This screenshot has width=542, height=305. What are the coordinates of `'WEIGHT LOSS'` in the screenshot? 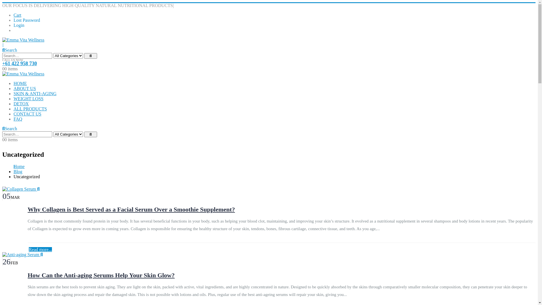 It's located at (28, 98).